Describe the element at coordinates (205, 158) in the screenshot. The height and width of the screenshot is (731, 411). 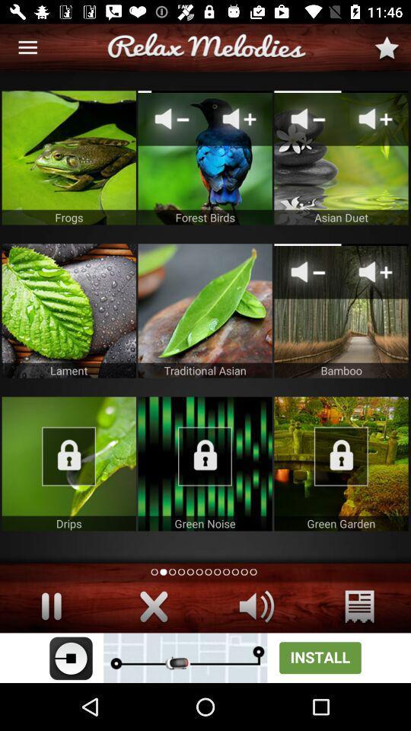
I see `click forest birds app` at that location.